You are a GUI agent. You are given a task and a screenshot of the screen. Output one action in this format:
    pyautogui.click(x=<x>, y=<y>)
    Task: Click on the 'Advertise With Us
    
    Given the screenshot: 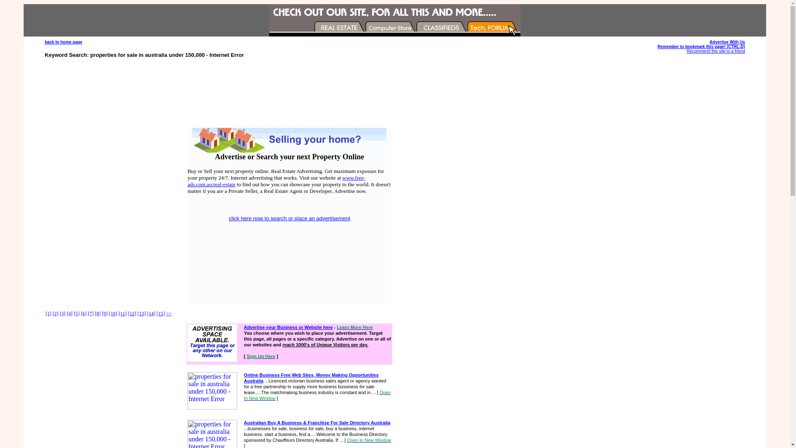 What is the action you would take?
    pyautogui.click(x=701, y=44)
    